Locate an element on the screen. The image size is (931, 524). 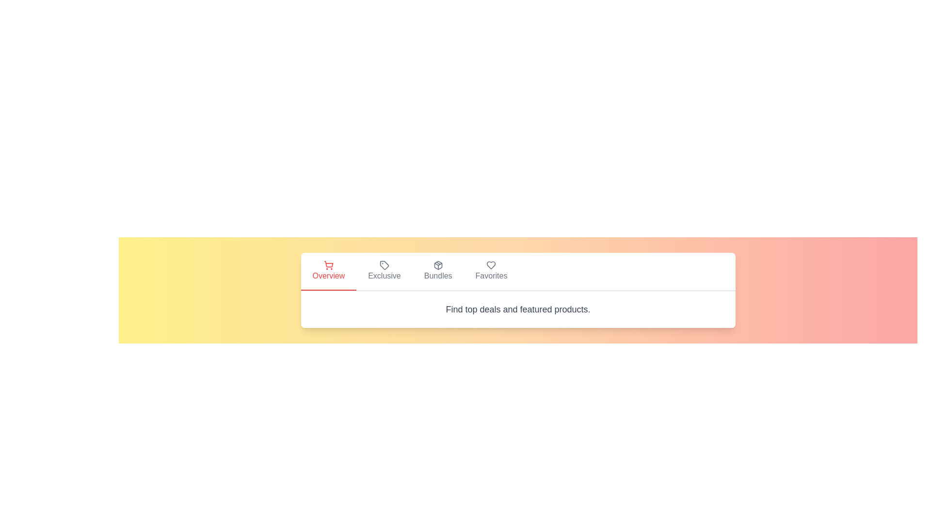
the tab labeled Favorites to observe visual feedback is located at coordinates (491, 271).